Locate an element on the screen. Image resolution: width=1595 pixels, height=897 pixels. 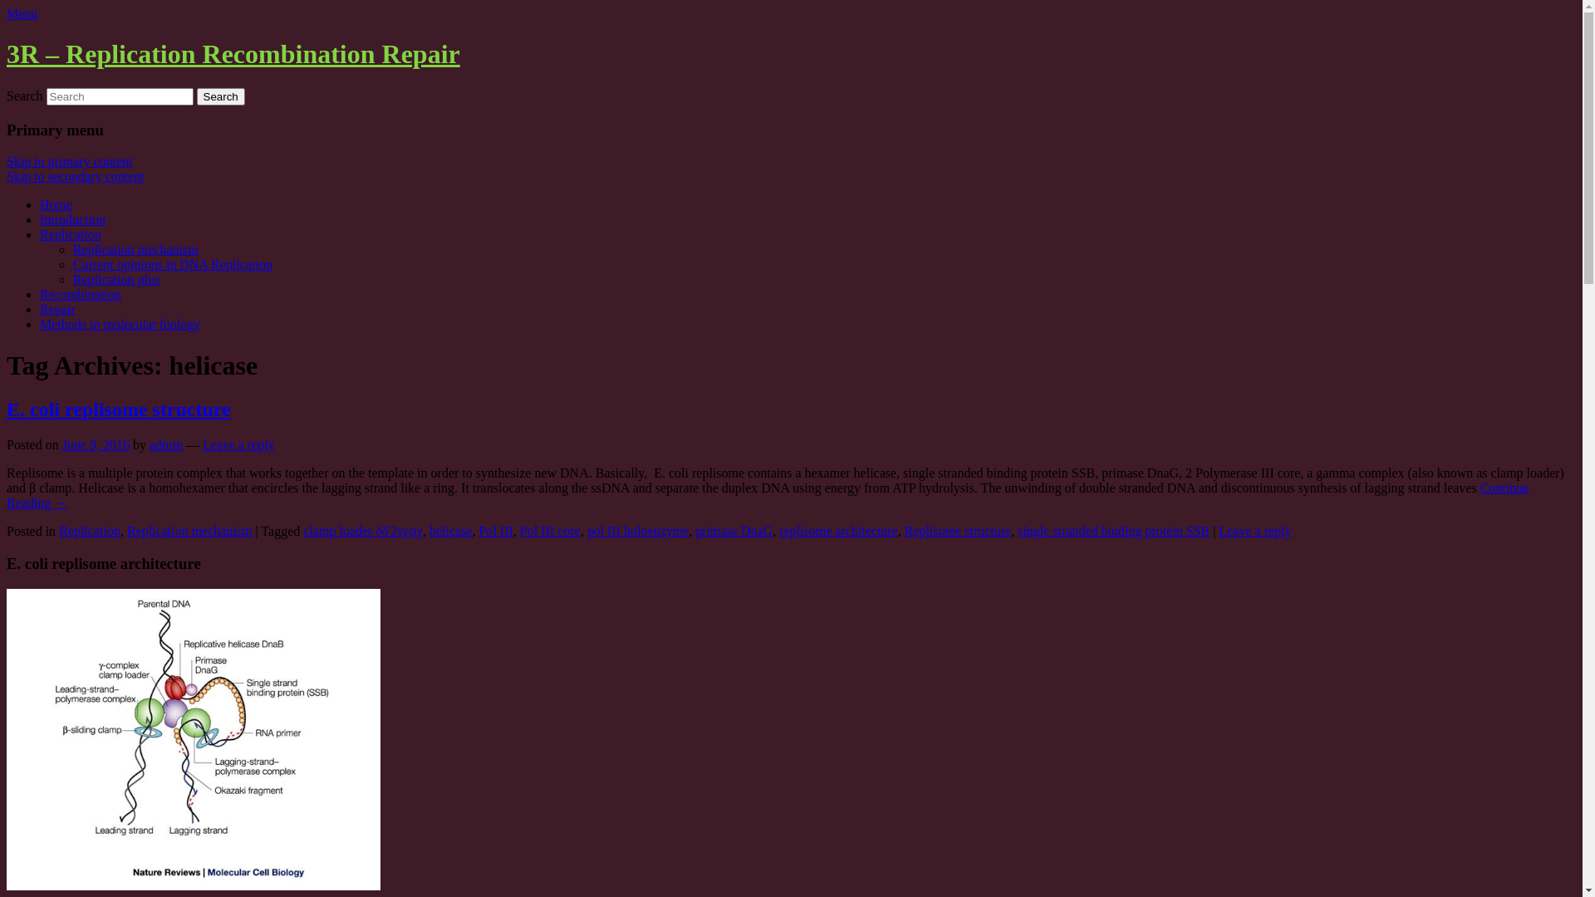
'Skip to secondary content' is located at coordinates (75, 176).